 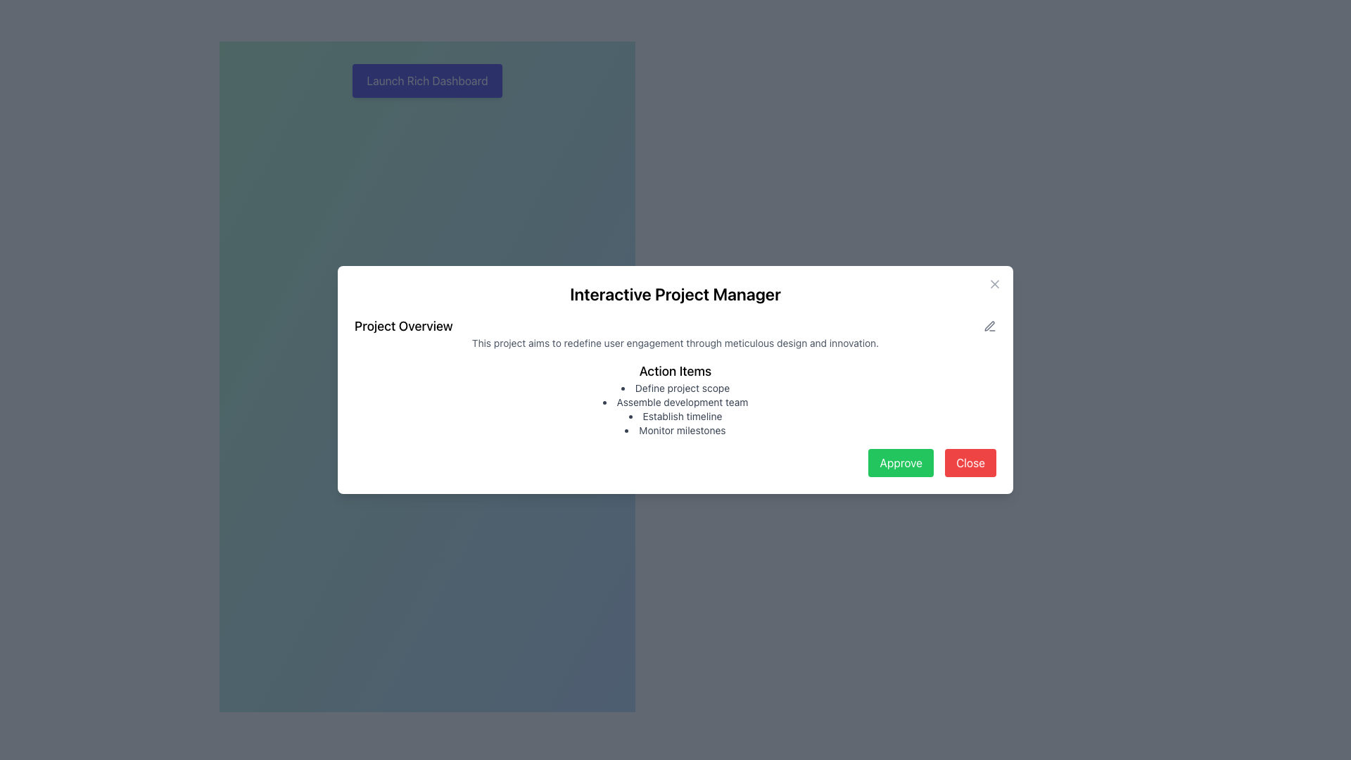 I want to click on the text element that says 'Monitor milestones', the last item in the bullet point list under the 'Action Items' heading in the 'Interactive Project Manager' modal dialog box, so click(x=675, y=430).